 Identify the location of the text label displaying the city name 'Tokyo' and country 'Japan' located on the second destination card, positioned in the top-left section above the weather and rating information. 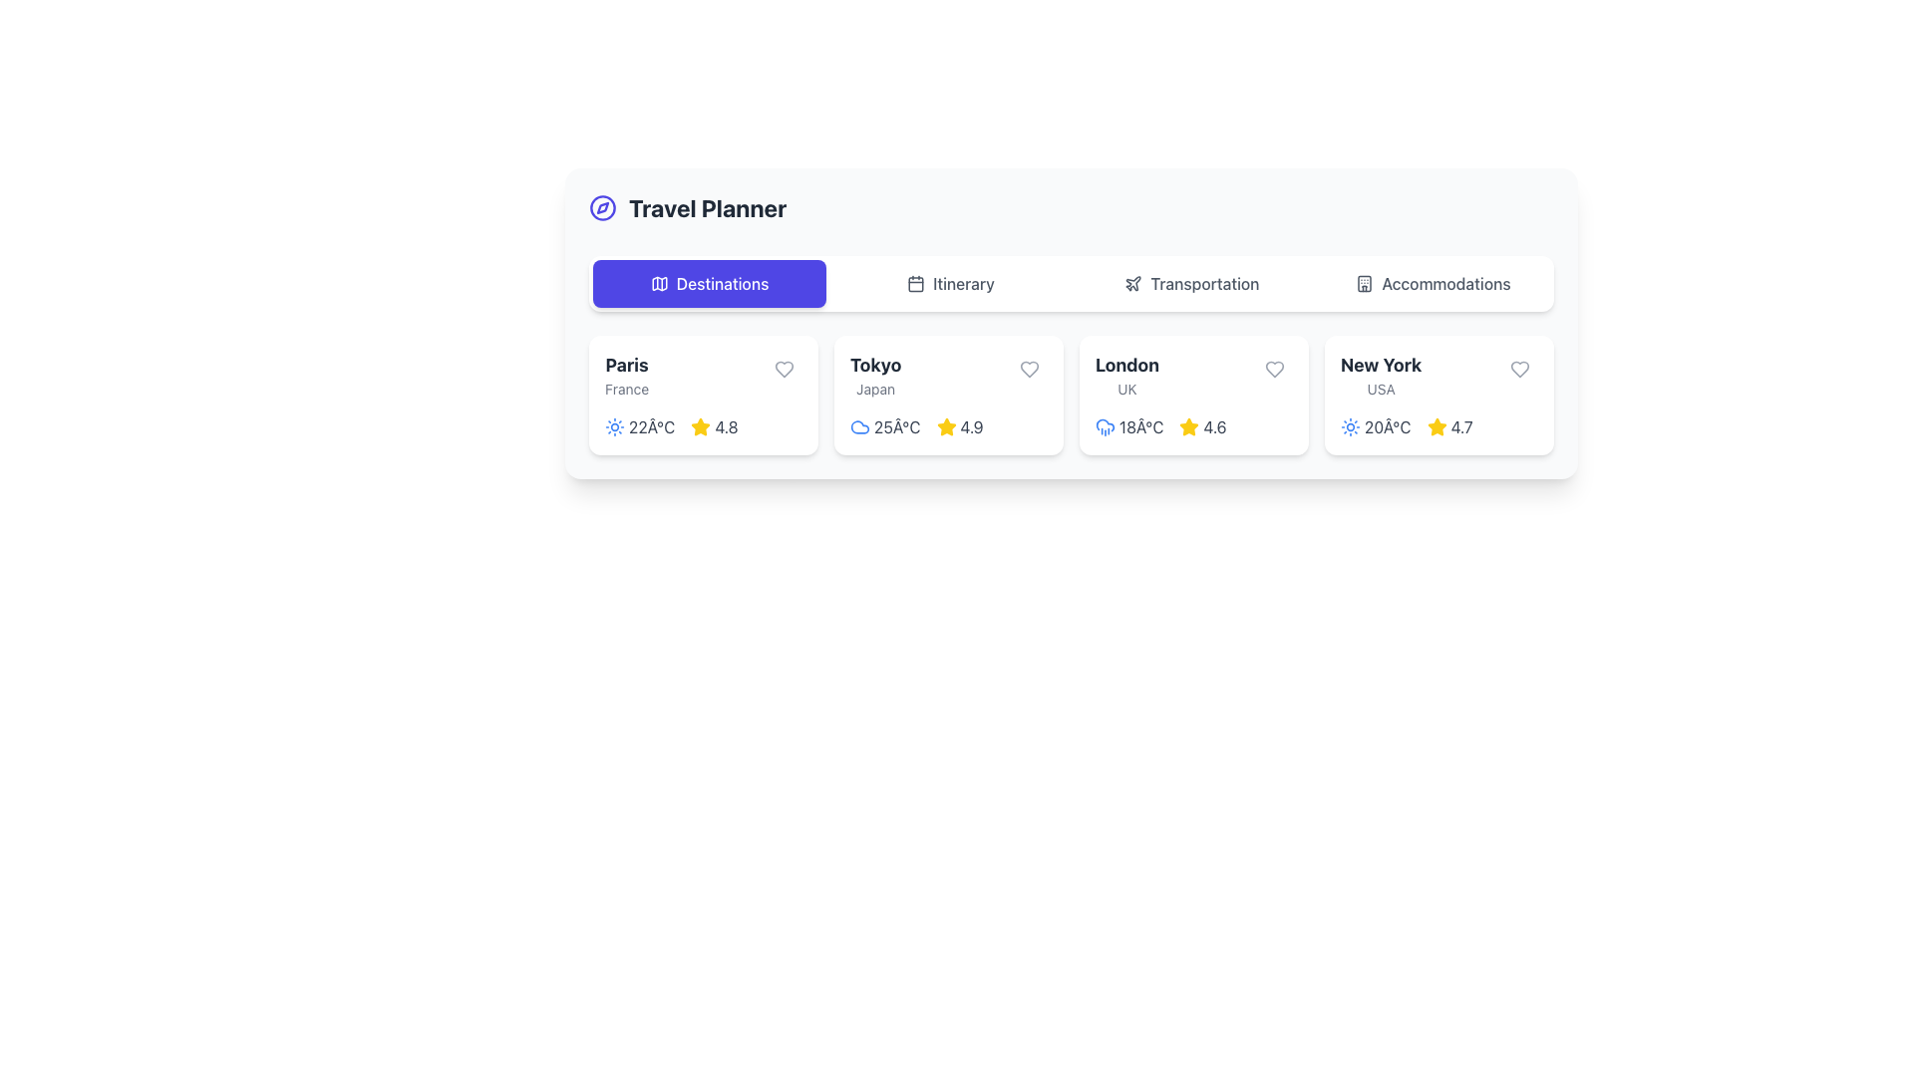
(875, 376).